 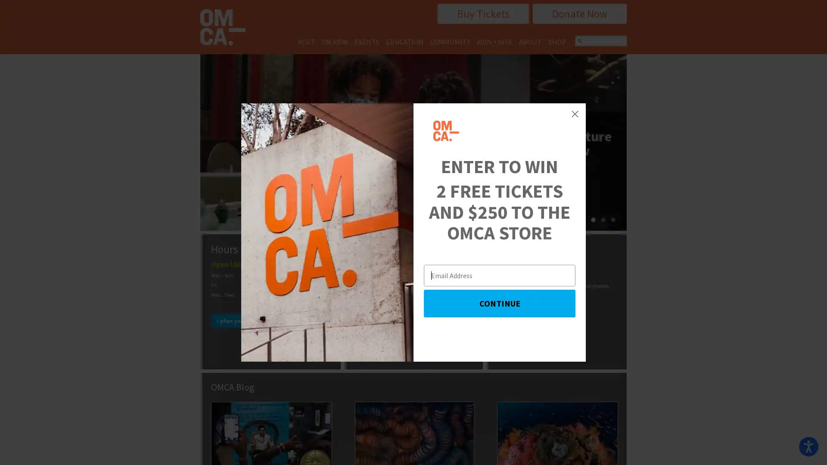 I want to click on Open accessibility options, statement and help, so click(x=808, y=446).